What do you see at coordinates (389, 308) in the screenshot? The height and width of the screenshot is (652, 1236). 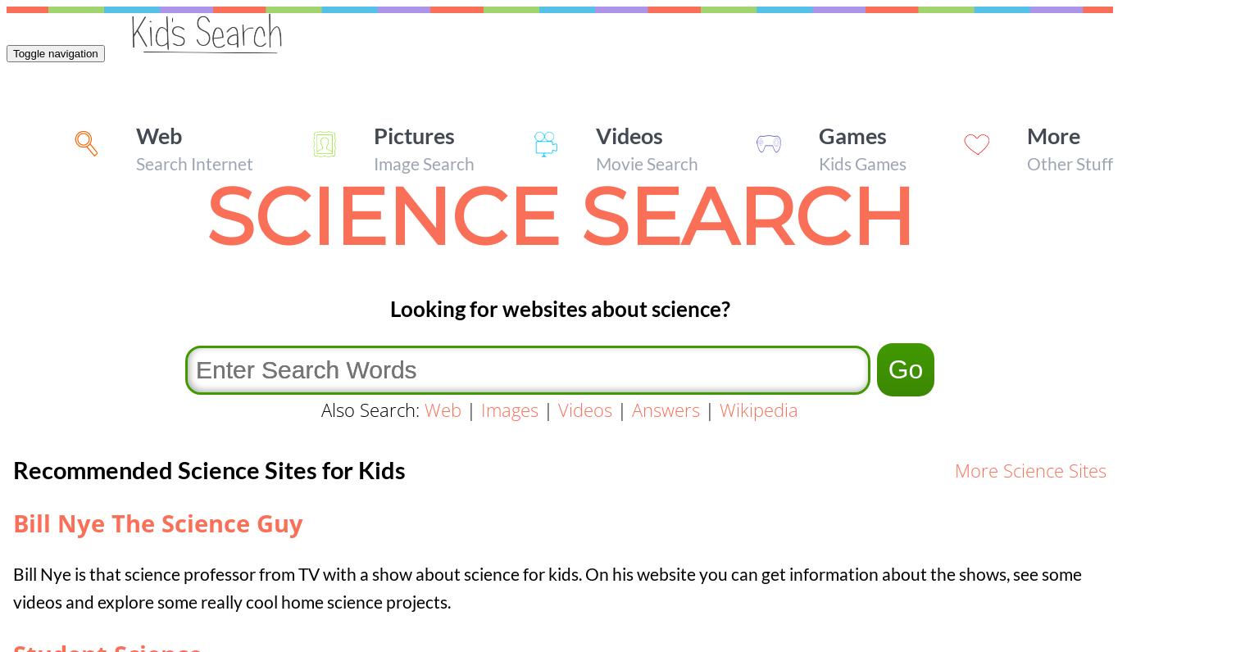 I see `'Looking for websites about science?'` at bounding box center [389, 308].